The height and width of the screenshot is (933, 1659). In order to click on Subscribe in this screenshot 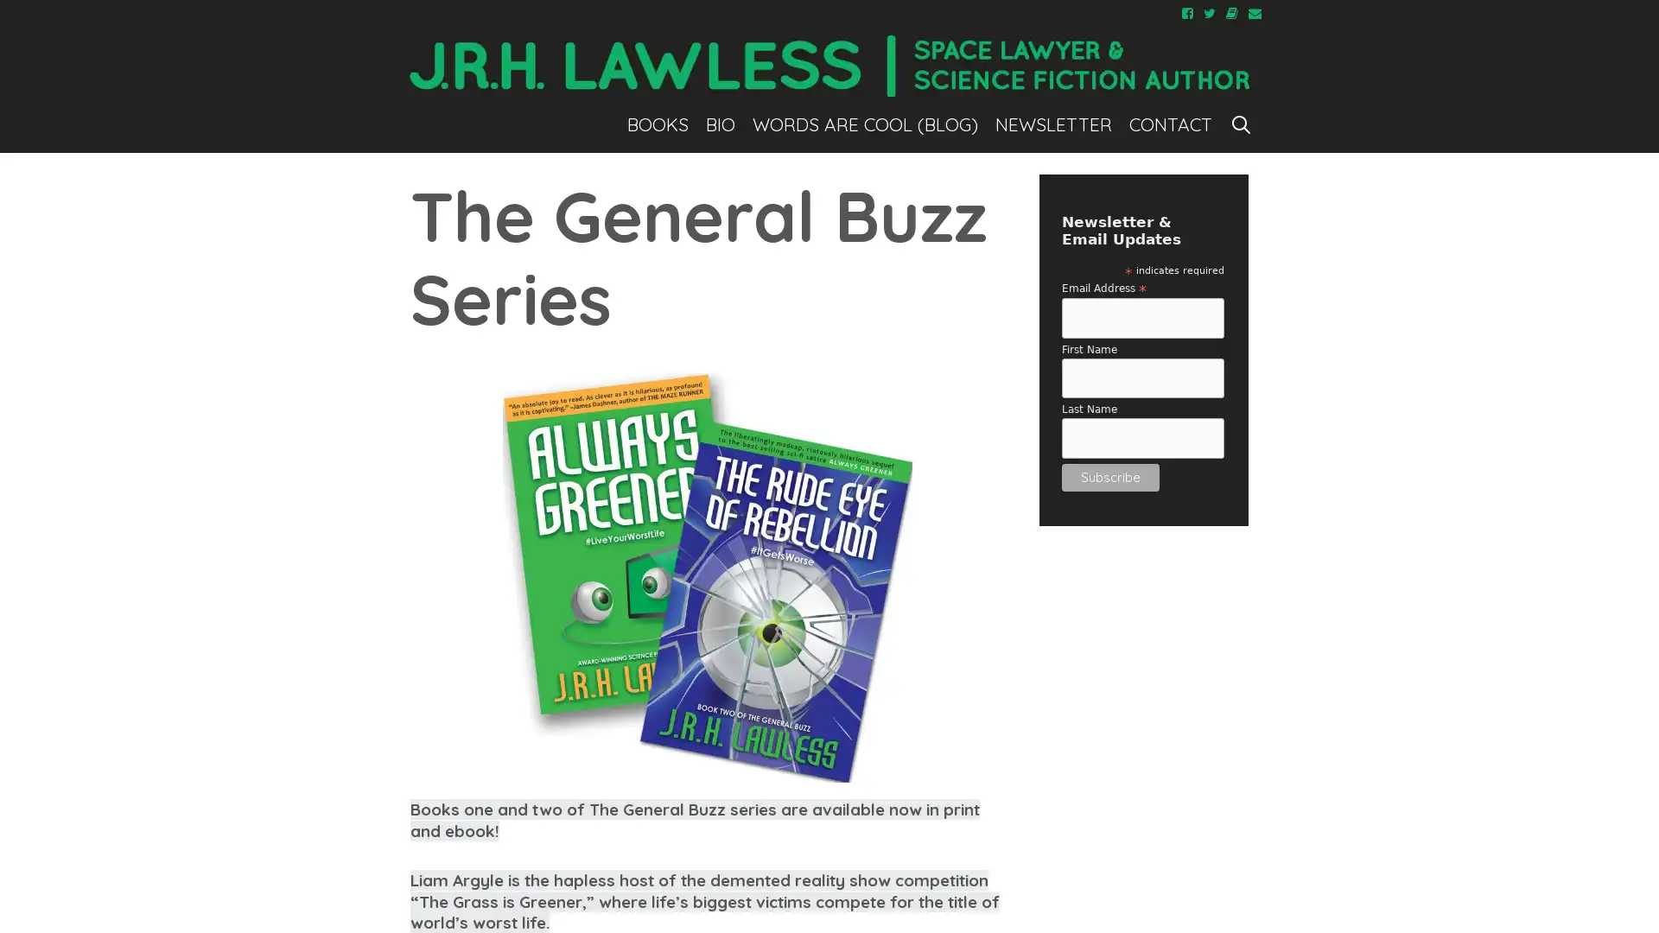, I will do `click(1109, 476)`.